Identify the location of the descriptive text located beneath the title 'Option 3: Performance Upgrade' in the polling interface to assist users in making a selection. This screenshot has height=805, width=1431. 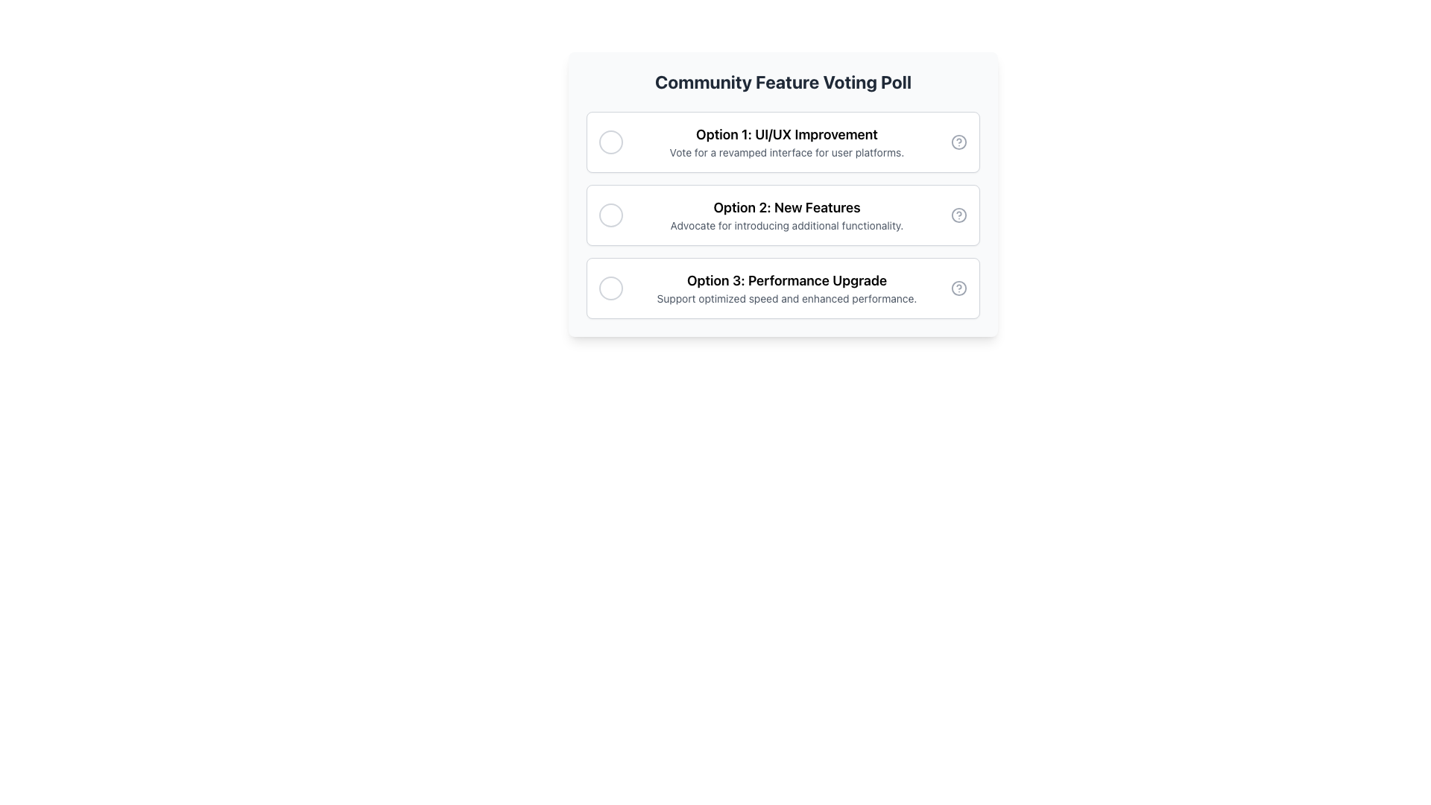
(786, 299).